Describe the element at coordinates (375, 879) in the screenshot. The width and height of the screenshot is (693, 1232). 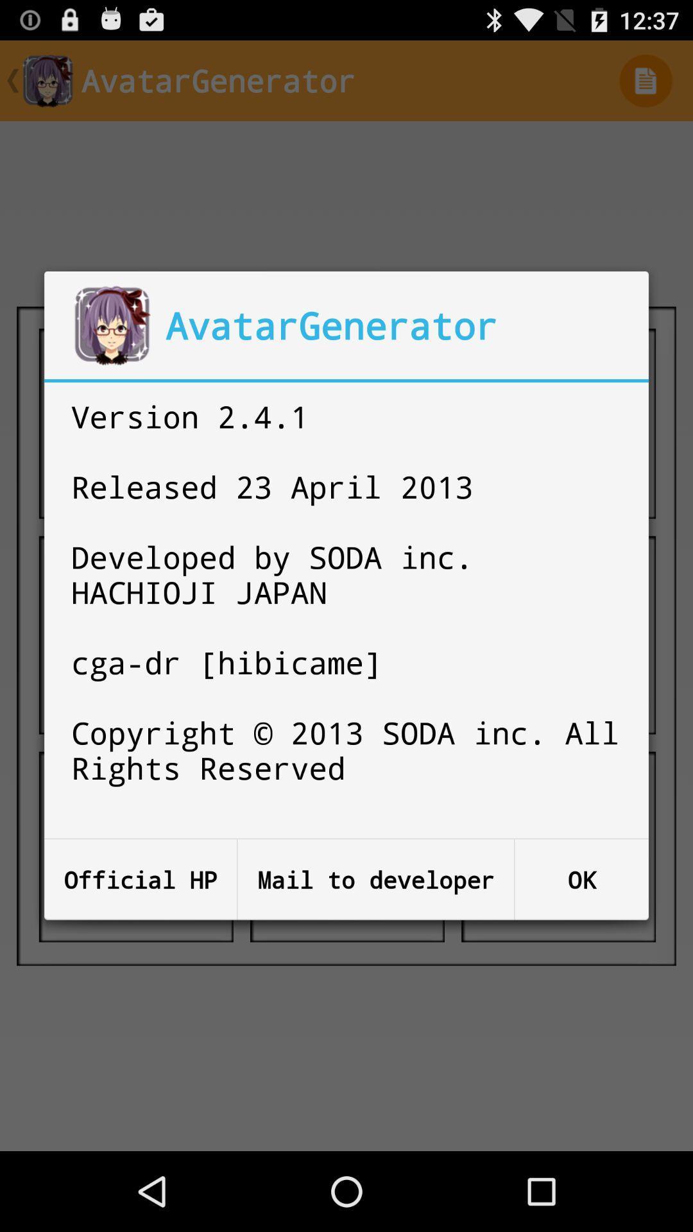
I see `icon at the bottom` at that location.